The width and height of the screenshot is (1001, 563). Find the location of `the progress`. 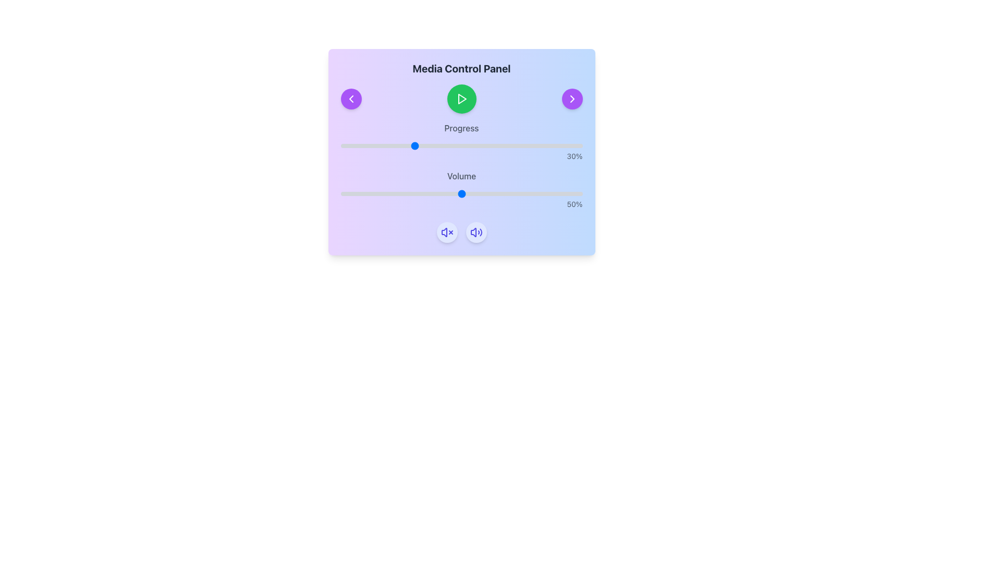

the progress is located at coordinates (350, 146).